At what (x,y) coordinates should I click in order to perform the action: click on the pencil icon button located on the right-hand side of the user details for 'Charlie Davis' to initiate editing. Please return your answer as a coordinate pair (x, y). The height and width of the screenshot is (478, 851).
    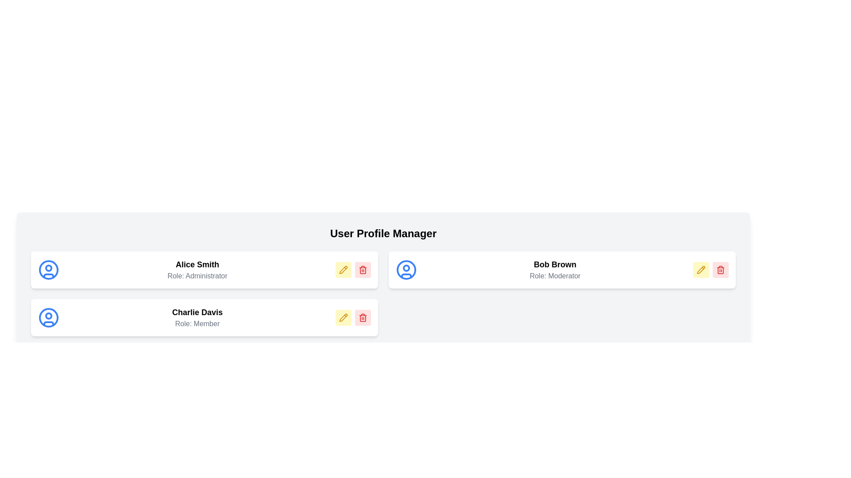
    Looking at the image, I should click on (343, 317).